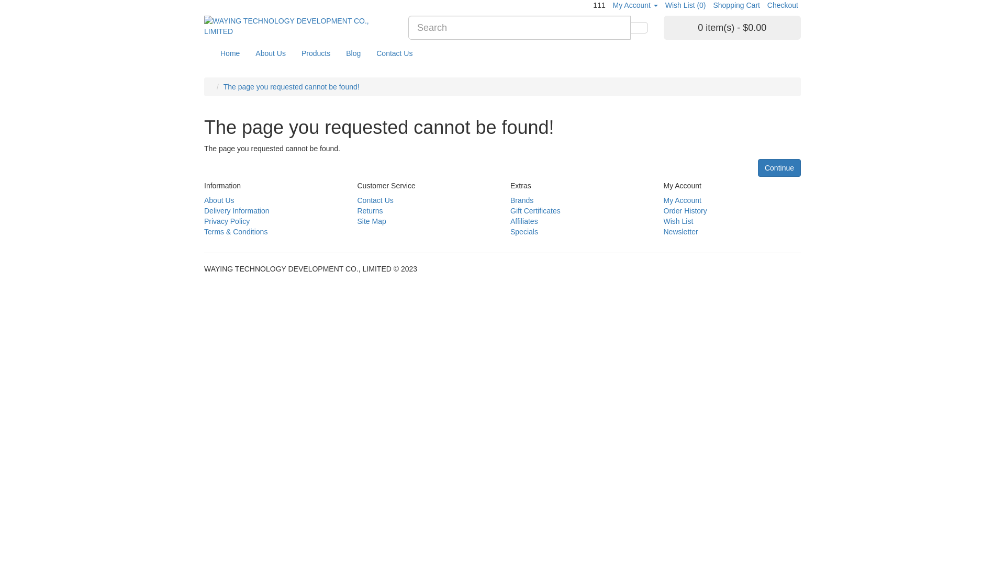 This screenshot has width=1005, height=565. Describe the element at coordinates (229, 53) in the screenshot. I see `'Home'` at that location.